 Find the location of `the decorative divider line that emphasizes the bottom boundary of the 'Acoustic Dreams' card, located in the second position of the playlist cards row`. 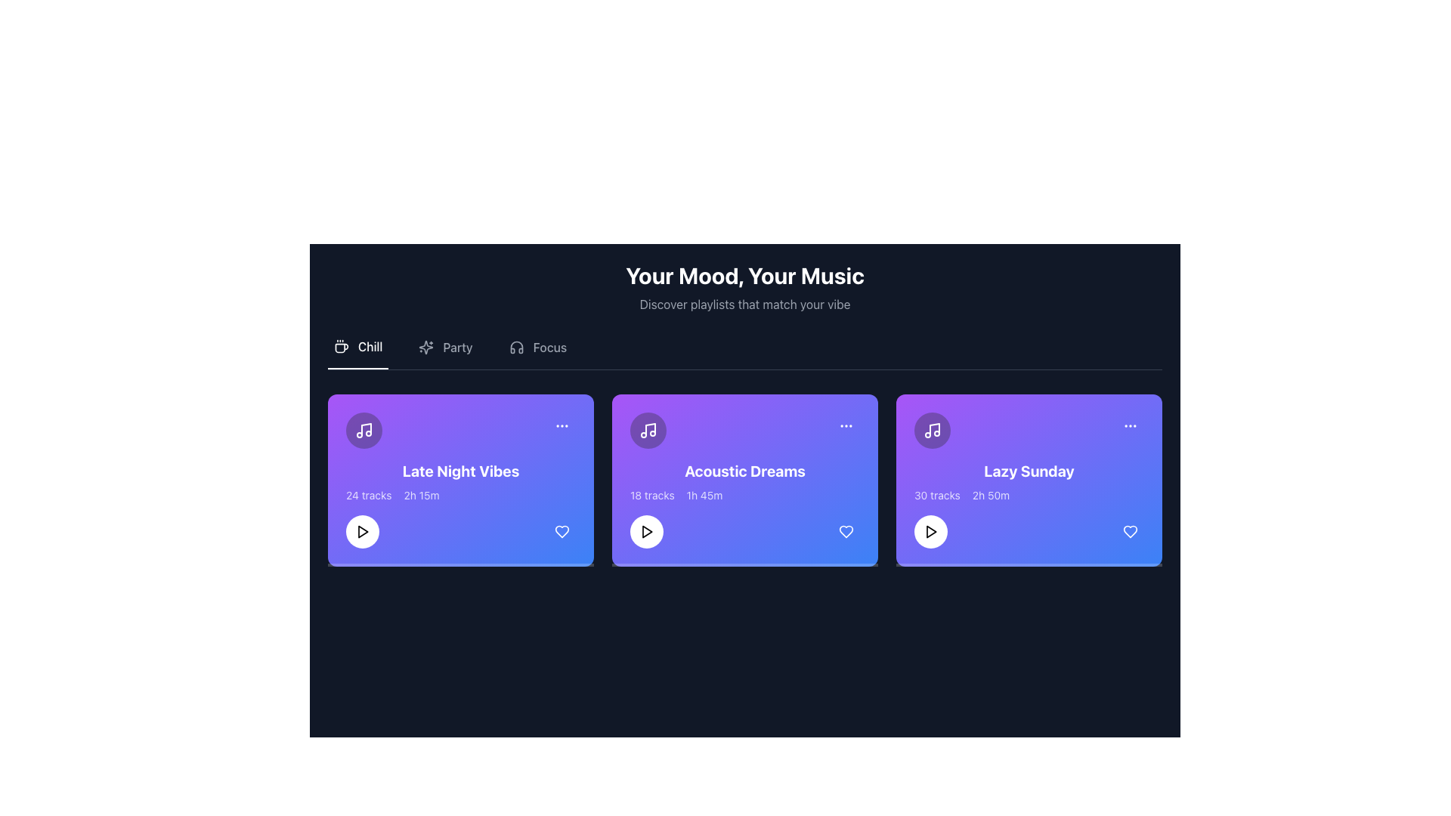

the decorative divider line that emphasizes the bottom boundary of the 'Acoustic Dreams' card, located in the second position of the playlist cards row is located at coordinates (744, 565).